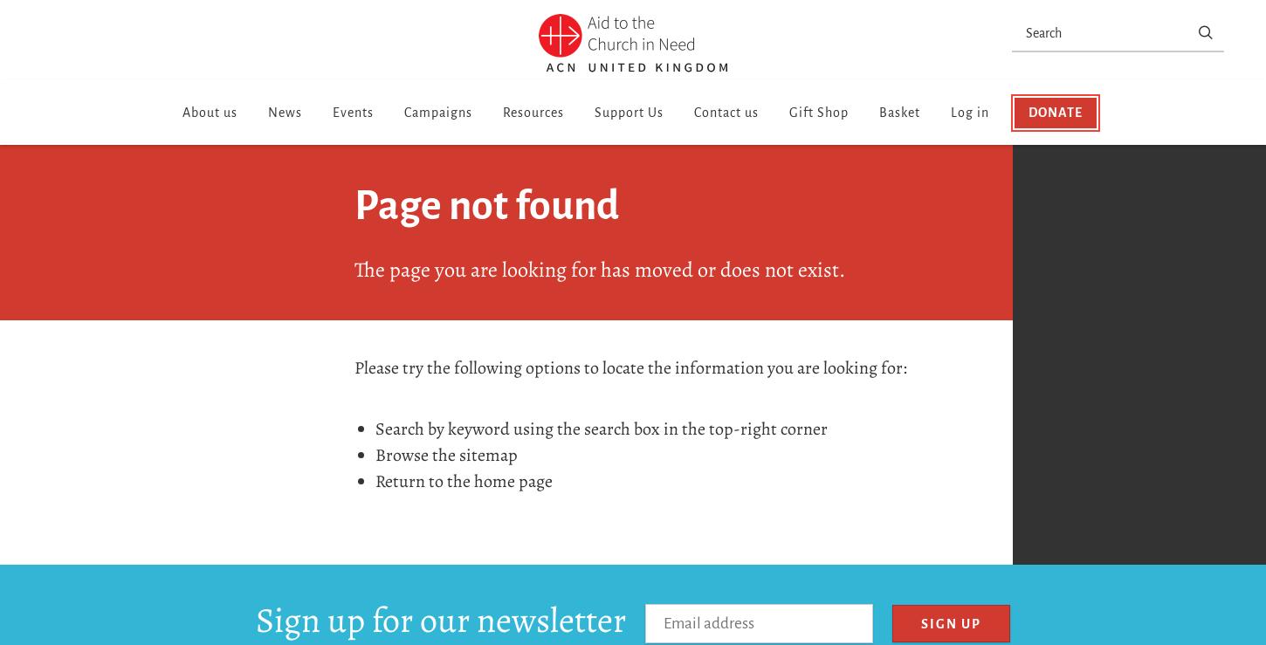  Describe the element at coordinates (375, 428) in the screenshot. I see `'Search by keyword using the search box in the top-right corner'` at that location.